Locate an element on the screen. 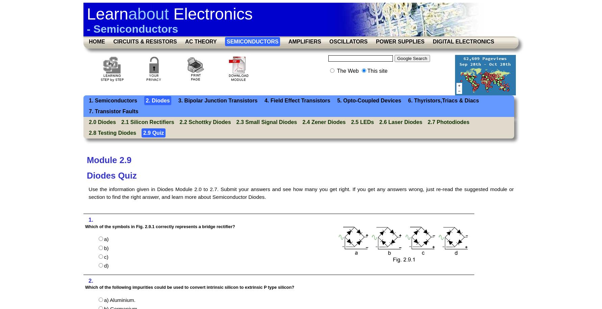 Image resolution: width=602 pixels, height=309 pixels. 'Learn' is located at coordinates (107, 14).